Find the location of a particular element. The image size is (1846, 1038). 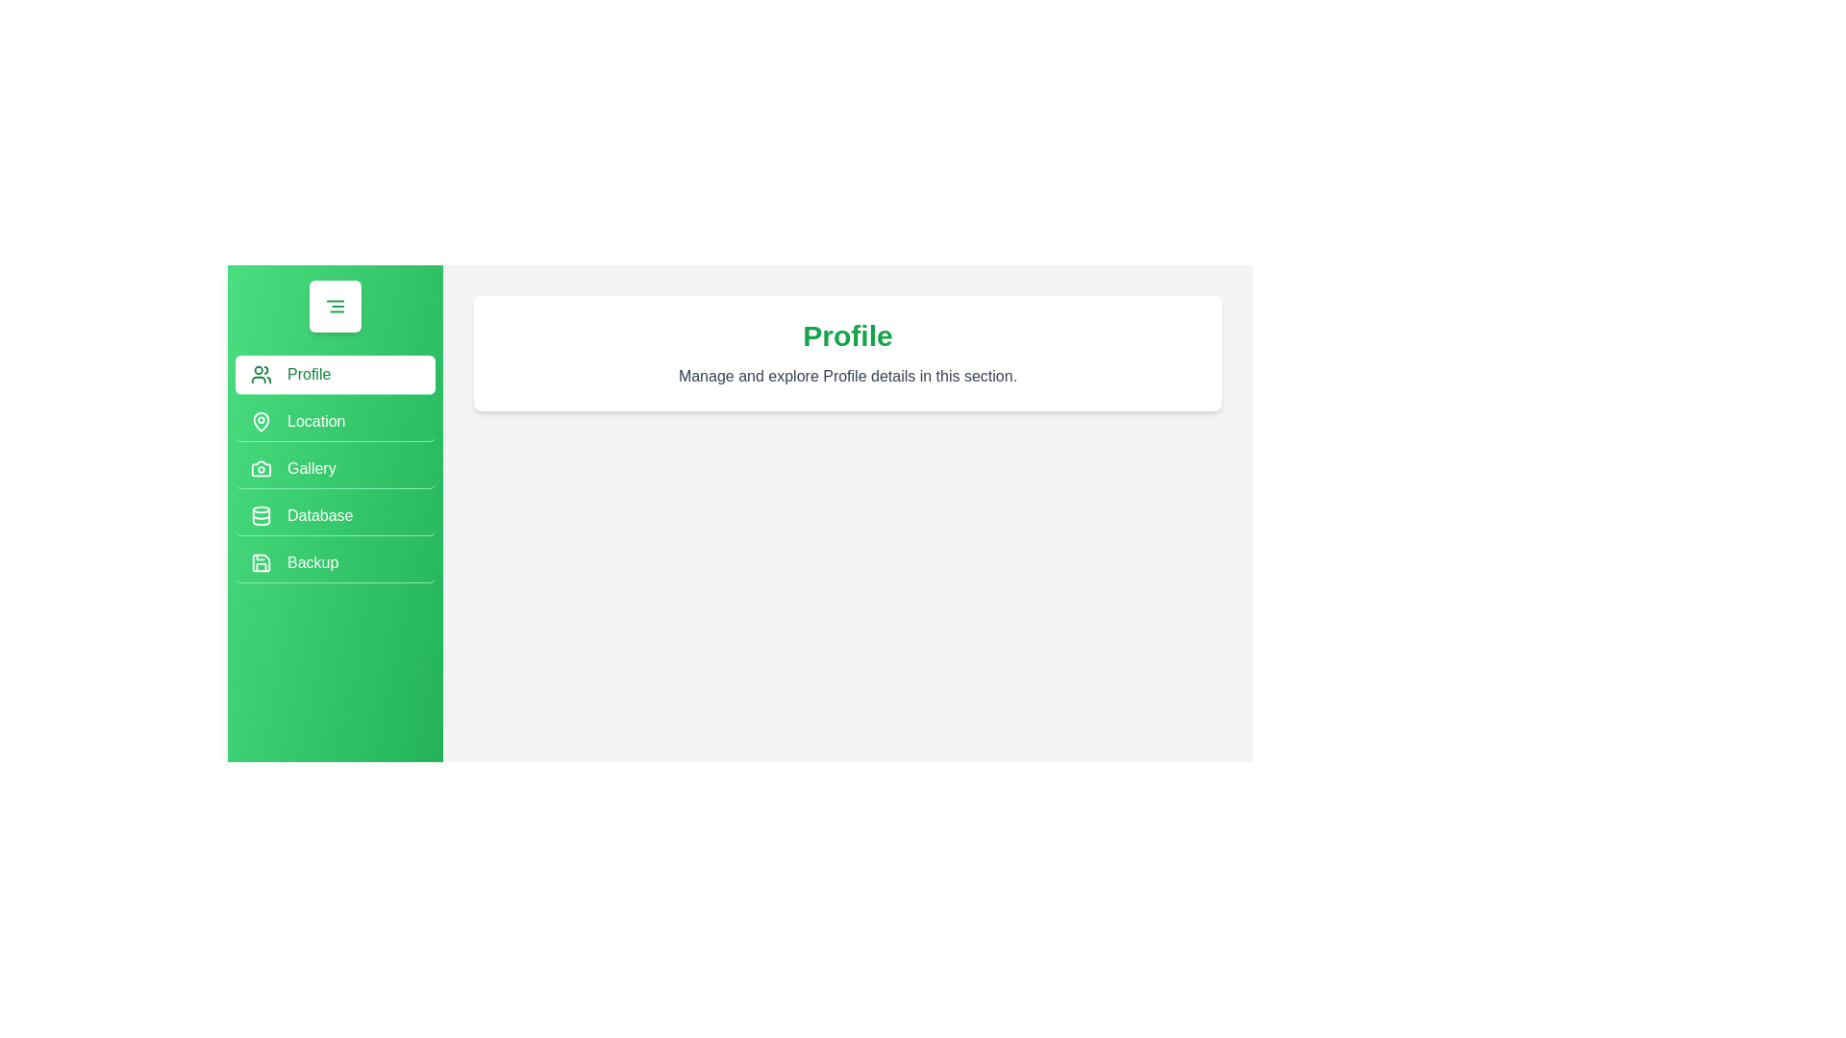

the menu option Location in the drawer is located at coordinates (336, 421).